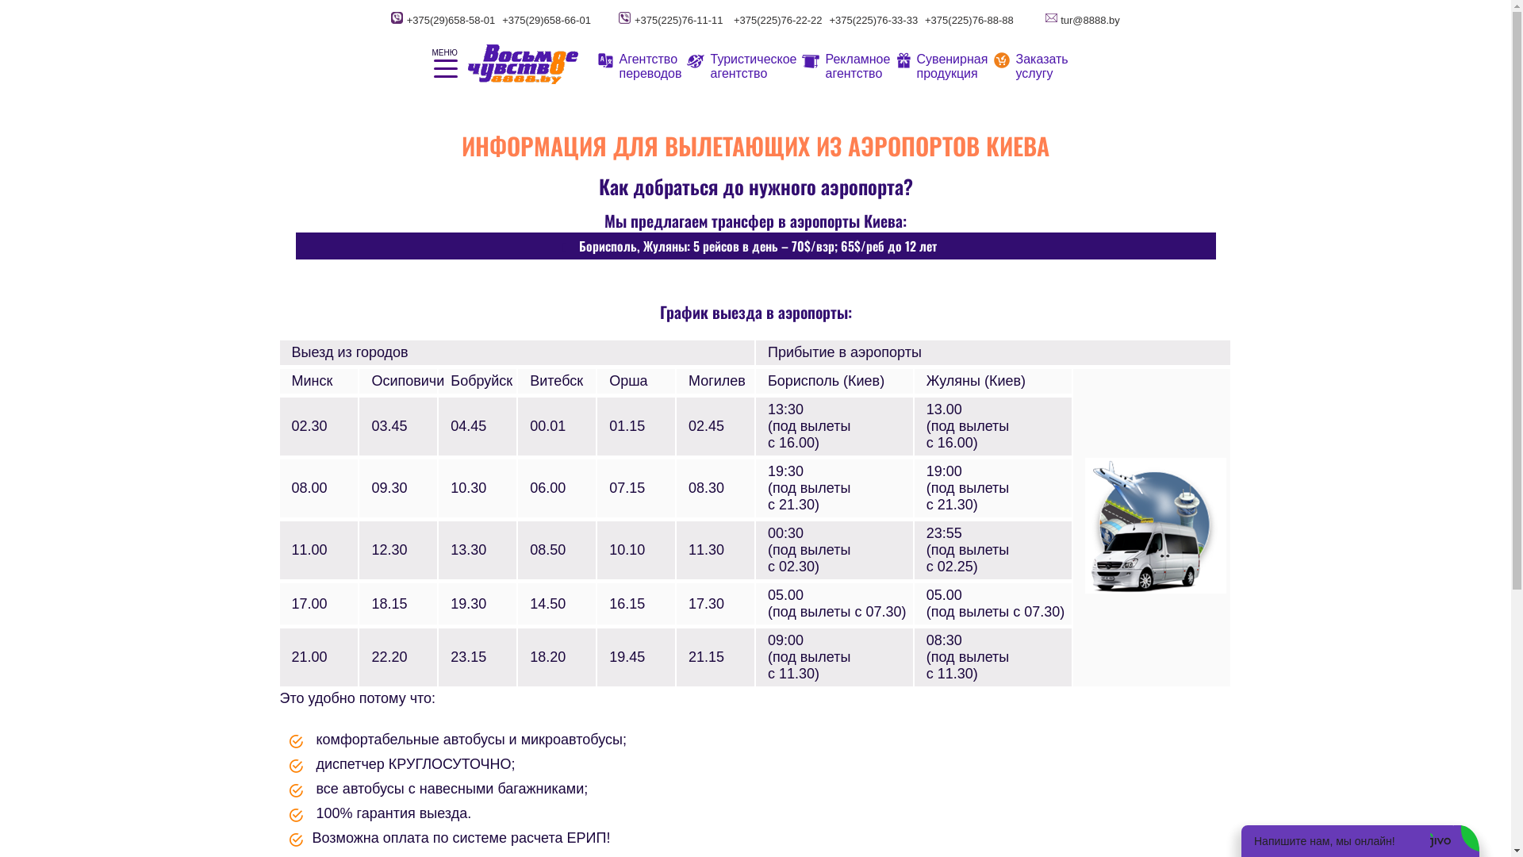 Image resolution: width=1523 pixels, height=857 pixels. What do you see at coordinates (872, 20) in the screenshot?
I see `'+375(225)76-33-33'` at bounding box center [872, 20].